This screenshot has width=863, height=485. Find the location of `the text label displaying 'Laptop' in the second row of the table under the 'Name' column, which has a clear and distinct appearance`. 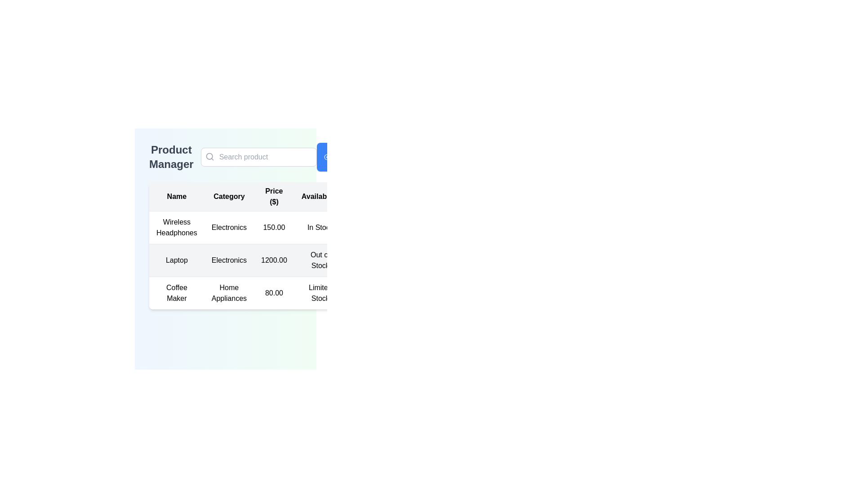

the text label displaying 'Laptop' in the second row of the table under the 'Name' column, which has a clear and distinct appearance is located at coordinates (177, 260).